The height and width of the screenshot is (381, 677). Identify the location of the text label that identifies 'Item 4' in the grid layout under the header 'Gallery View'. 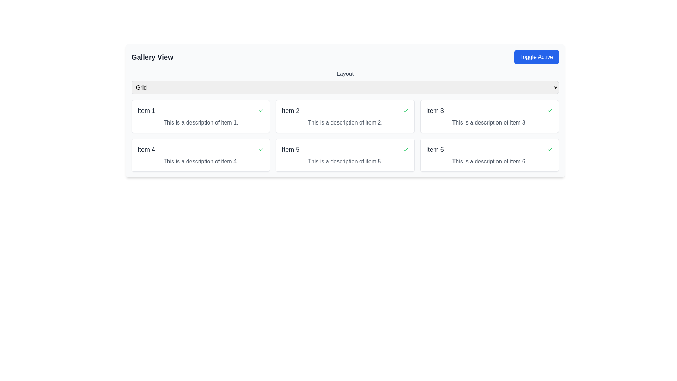
(146, 149).